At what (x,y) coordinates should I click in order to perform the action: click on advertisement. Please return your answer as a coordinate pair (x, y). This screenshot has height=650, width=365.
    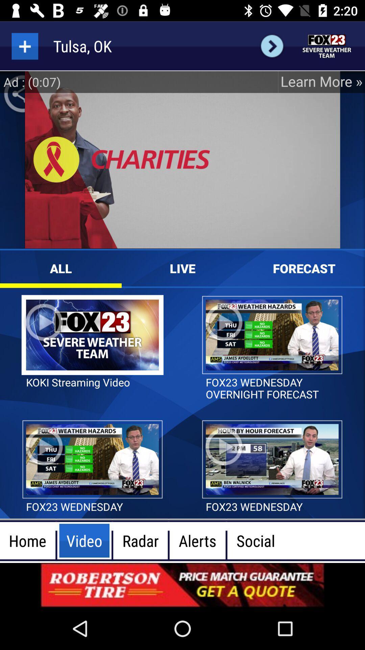
    Looking at the image, I should click on (182, 585).